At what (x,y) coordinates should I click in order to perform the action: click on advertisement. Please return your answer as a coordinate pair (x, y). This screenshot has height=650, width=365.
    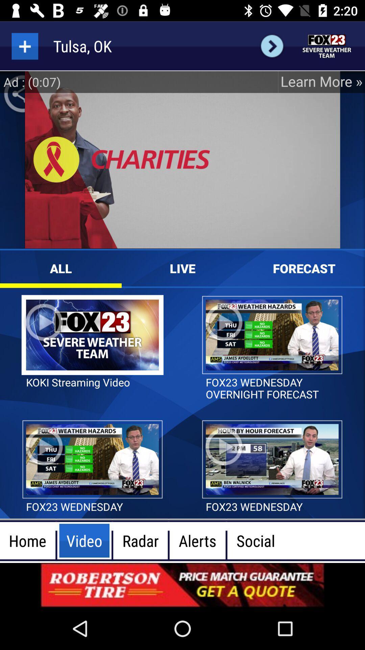
    Looking at the image, I should click on (182, 585).